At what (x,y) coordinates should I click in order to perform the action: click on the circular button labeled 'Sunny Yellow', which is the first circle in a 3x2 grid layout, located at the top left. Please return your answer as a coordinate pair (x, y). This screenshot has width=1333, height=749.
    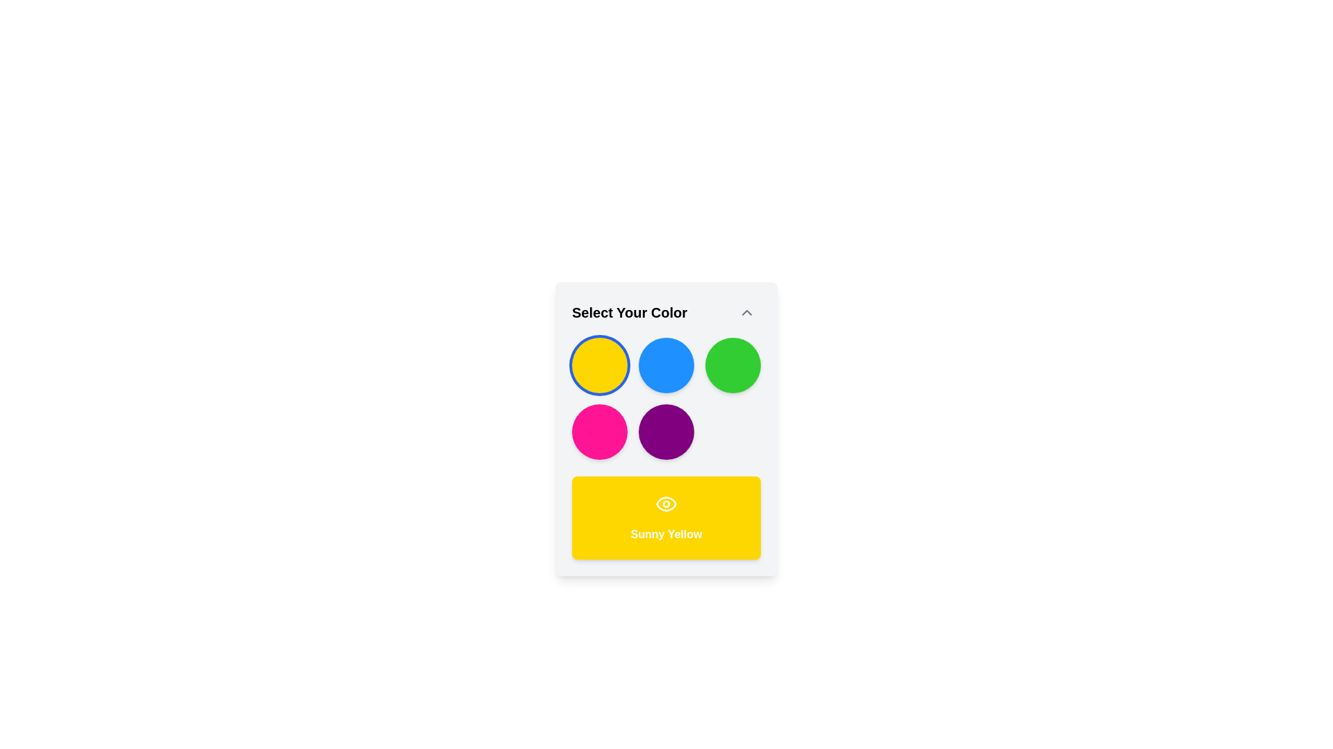
    Looking at the image, I should click on (600, 365).